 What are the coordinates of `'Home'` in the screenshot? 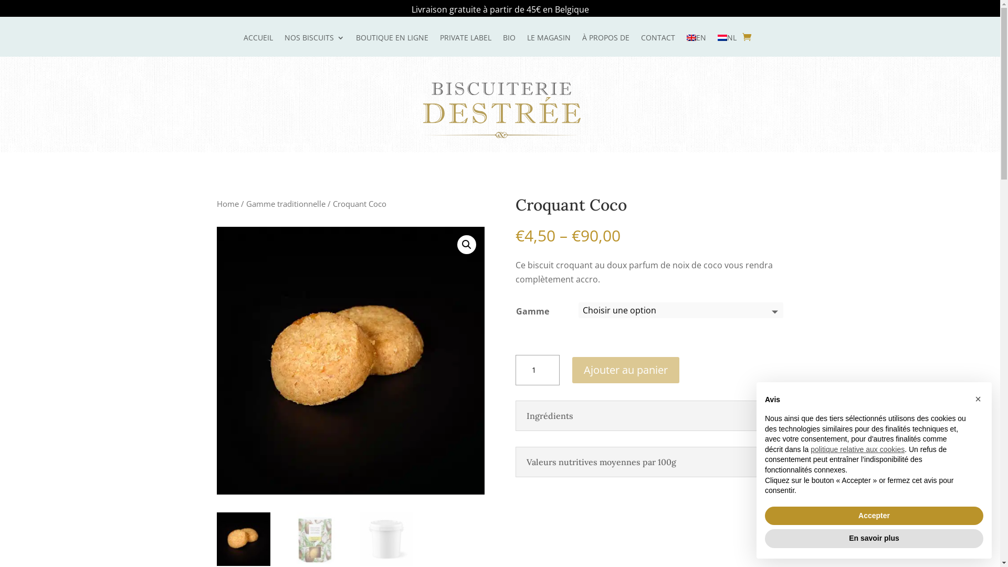 It's located at (216, 204).